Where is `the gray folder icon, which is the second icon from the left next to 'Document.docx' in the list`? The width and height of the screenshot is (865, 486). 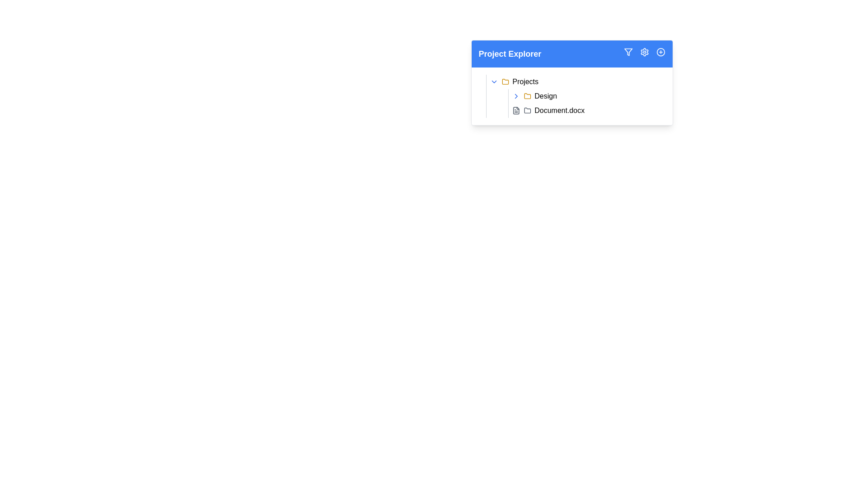 the gray folder icon, which is the second icon from the left next to 'Document.docx' in the list is located at coordinates (527, 110).